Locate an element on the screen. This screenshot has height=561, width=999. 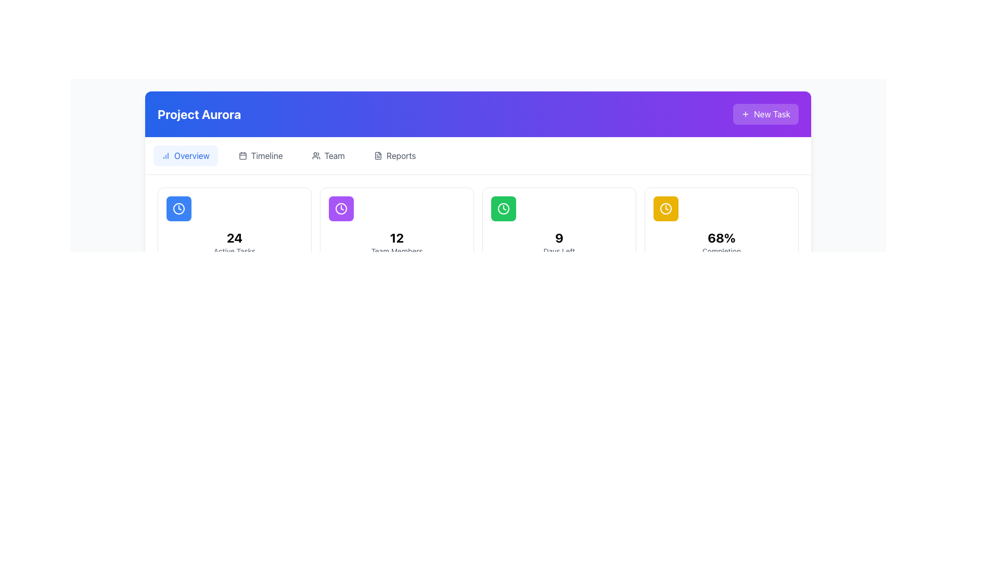
the topmost part of the file icon component, which serves for visual emphasis in navigation or selection contexts is located at coordinates (377, 156).